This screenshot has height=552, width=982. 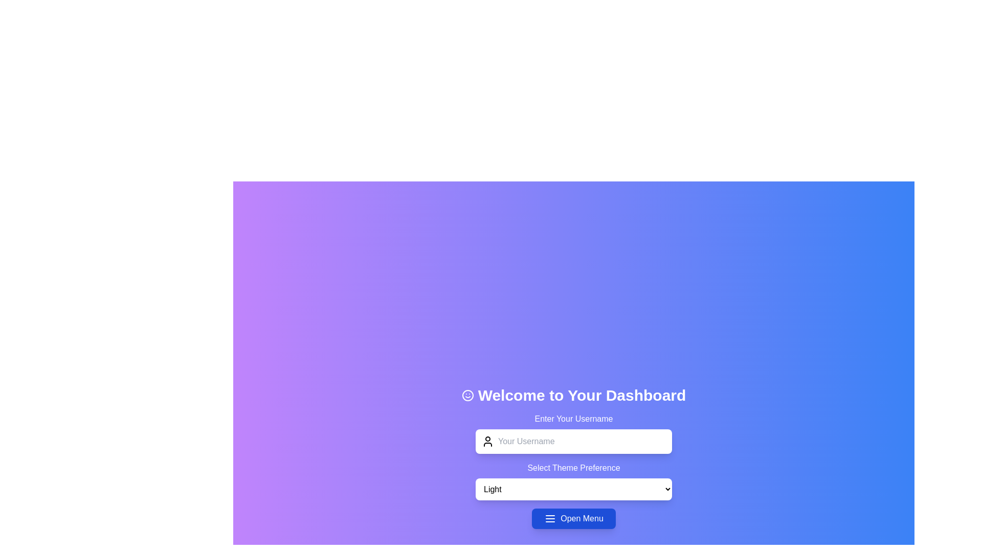 What do you see at coordinates (467, 395) in the screenshot?
I see `the decorative icon positioned to the left of the 'Welcome to Your Dashboard' text, enhancing user engagement` at bounding box center [467, 395].